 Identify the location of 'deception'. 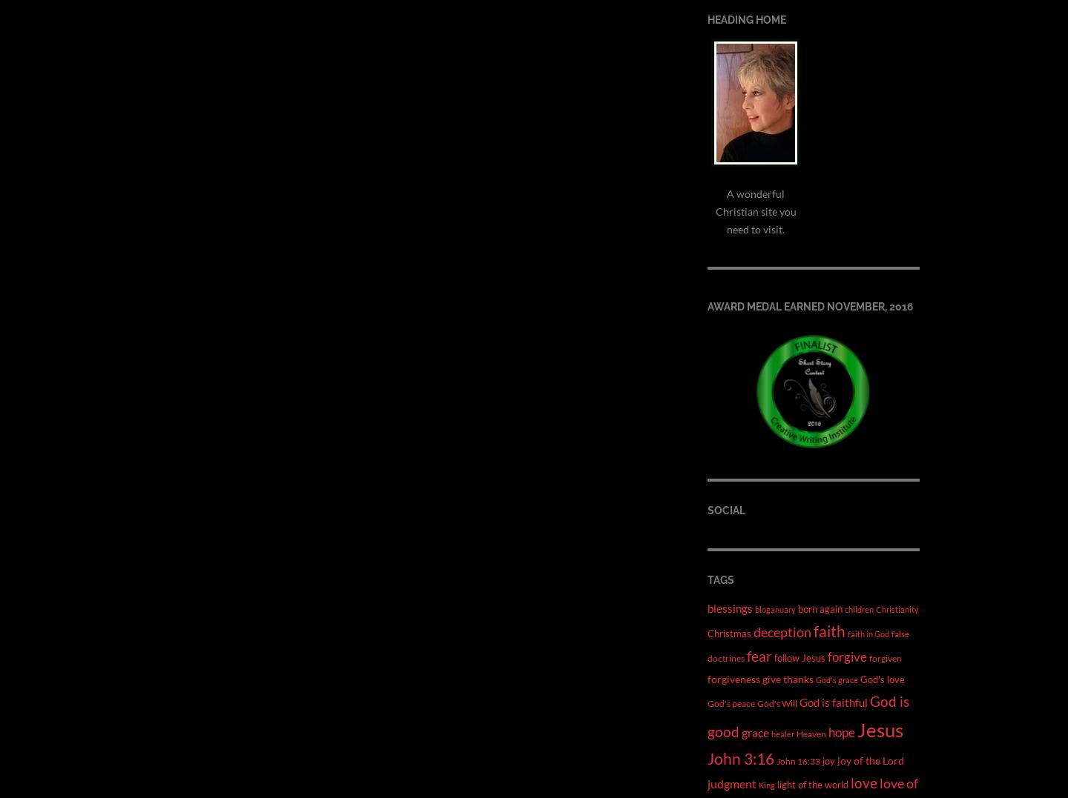
(782, 631).